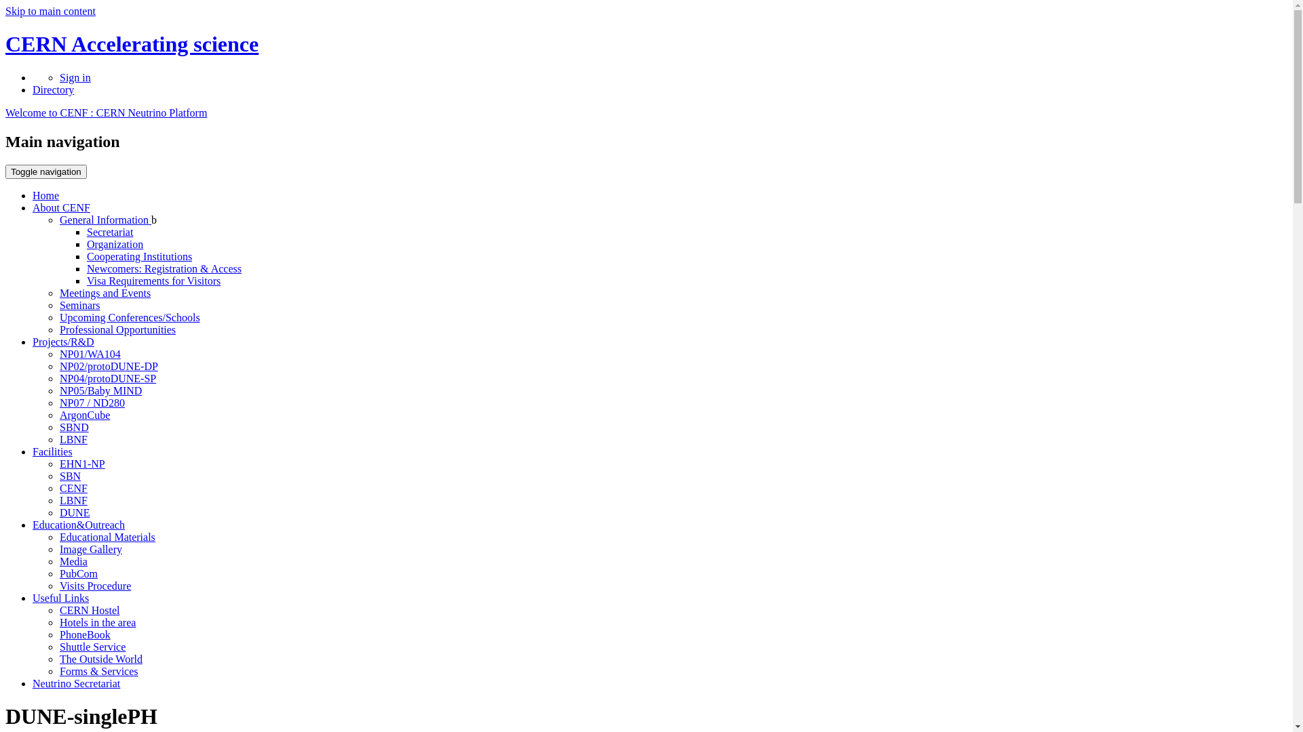 This screenshot has height=732, width=1303. Describe the element at coordinates (98, 671) in the screenshot. I see `'Forms & Services'` at that location.